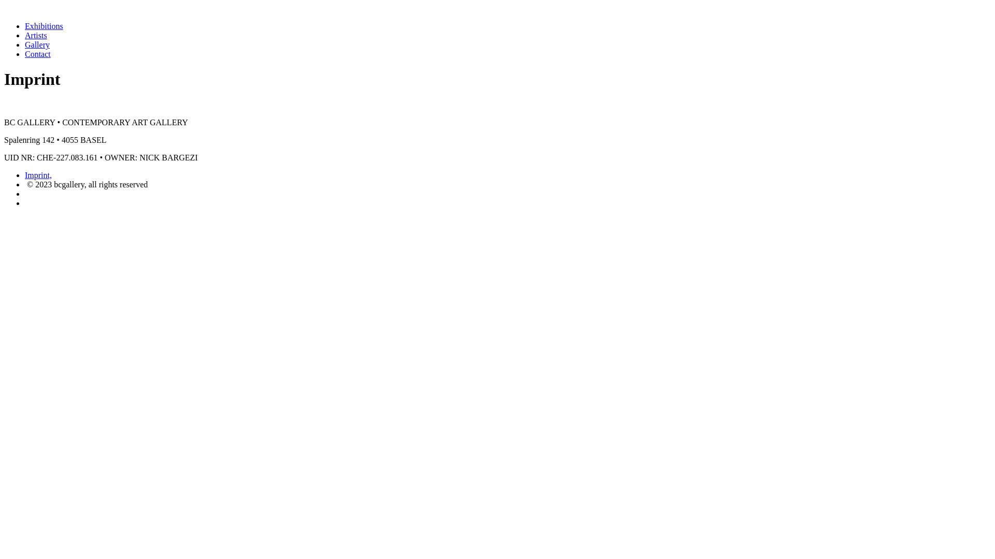  What do you see at coordinates (25, 25) in the screenshot?
I see `'Exhibitions'` at bounding box center [25, 25].